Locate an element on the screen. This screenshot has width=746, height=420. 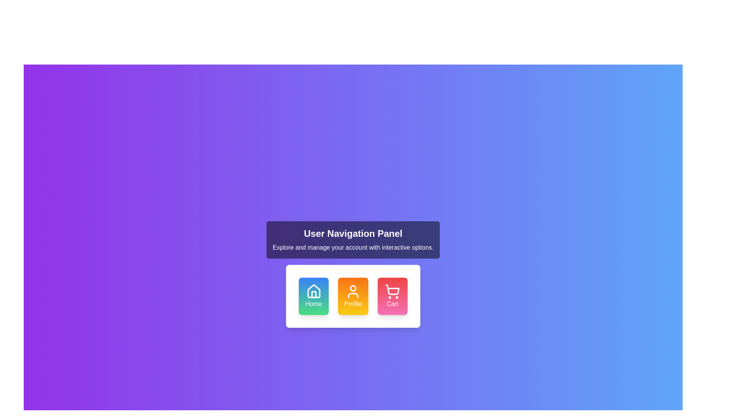
the navigation panel containing the 'Home', 'Profile', and 'Cart' buttons is located at coordinates (352, 296).